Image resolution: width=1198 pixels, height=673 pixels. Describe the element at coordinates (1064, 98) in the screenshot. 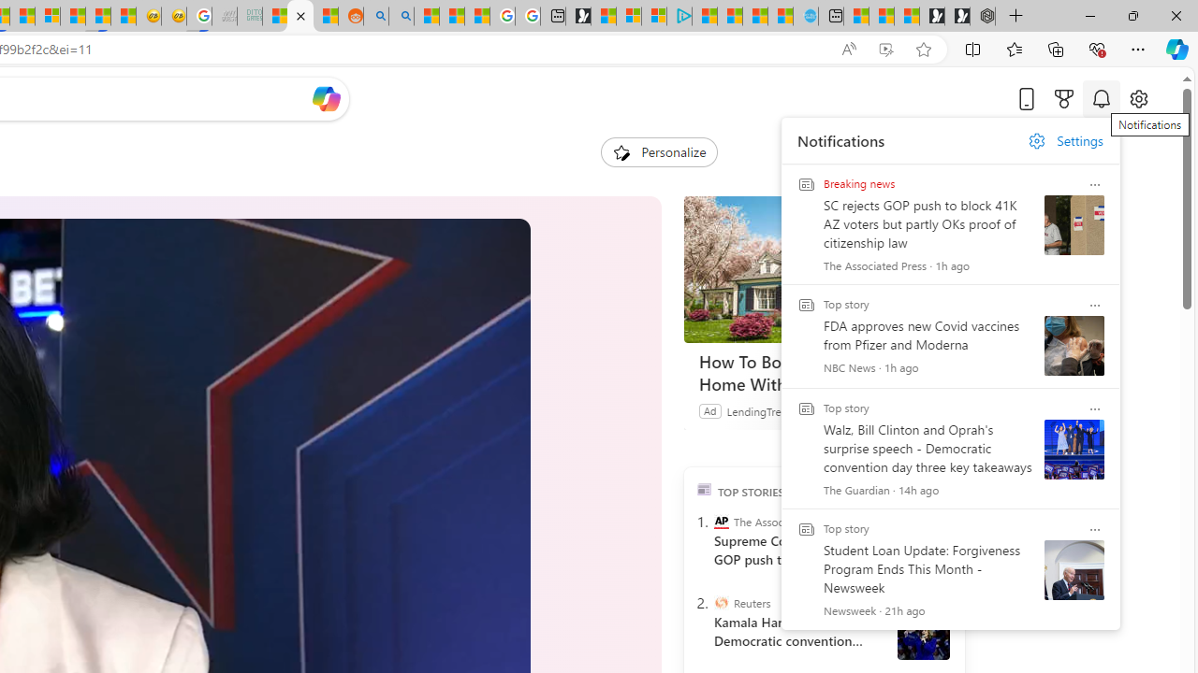

I see `'Microsoft rewards'` at that location.